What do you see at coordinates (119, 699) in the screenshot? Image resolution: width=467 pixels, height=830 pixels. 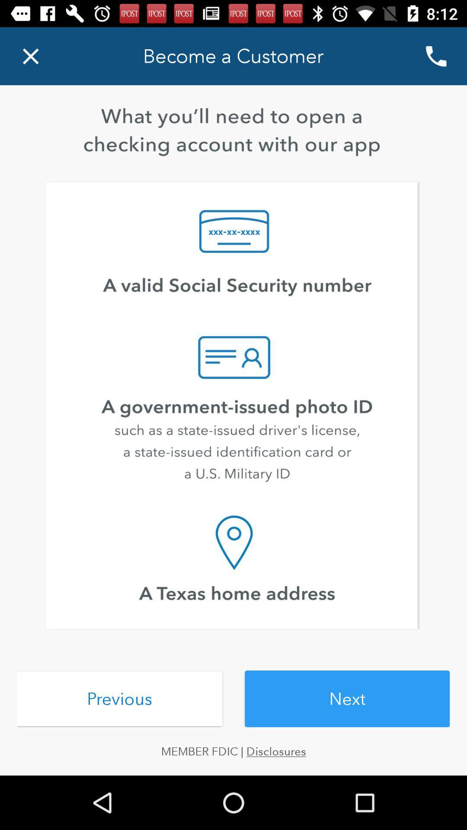 I see `the icon next to next item` at bounding box center [119, 699].